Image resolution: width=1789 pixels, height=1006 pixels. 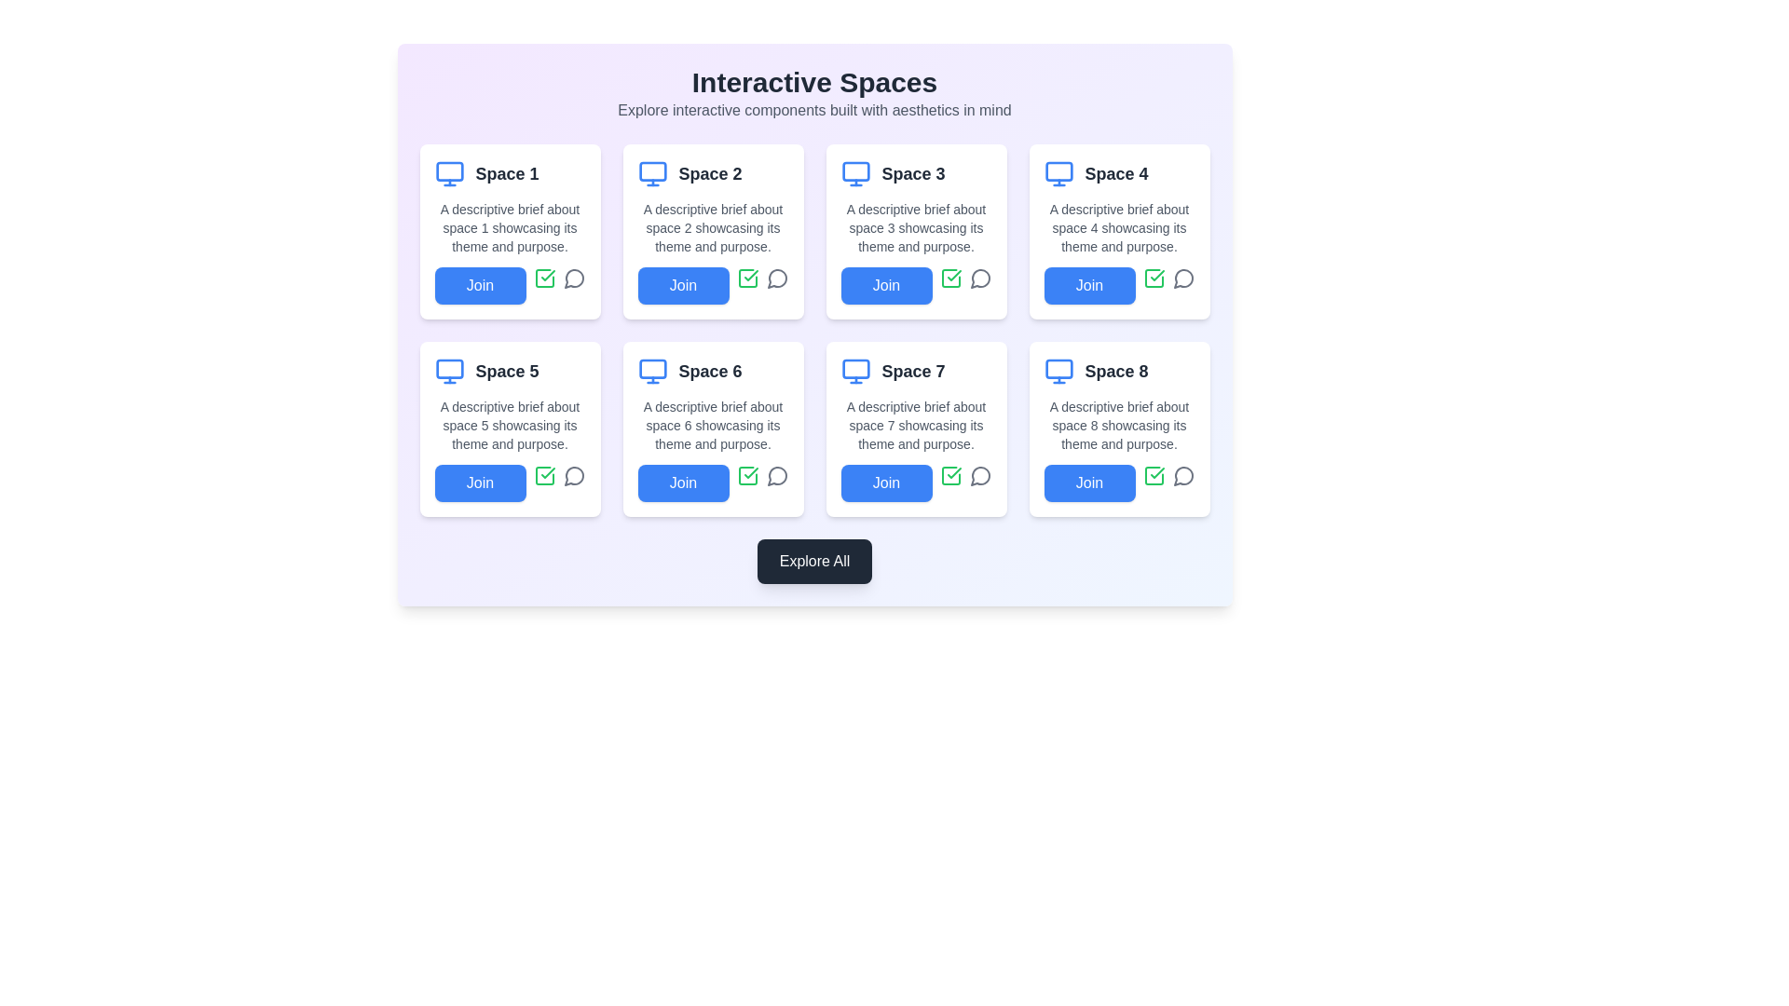 I want to click on the Text label that provides a brief description for 'Space 1', located below the title 'Space 1' and above the 'Join' button, so click(x=510, y=227).